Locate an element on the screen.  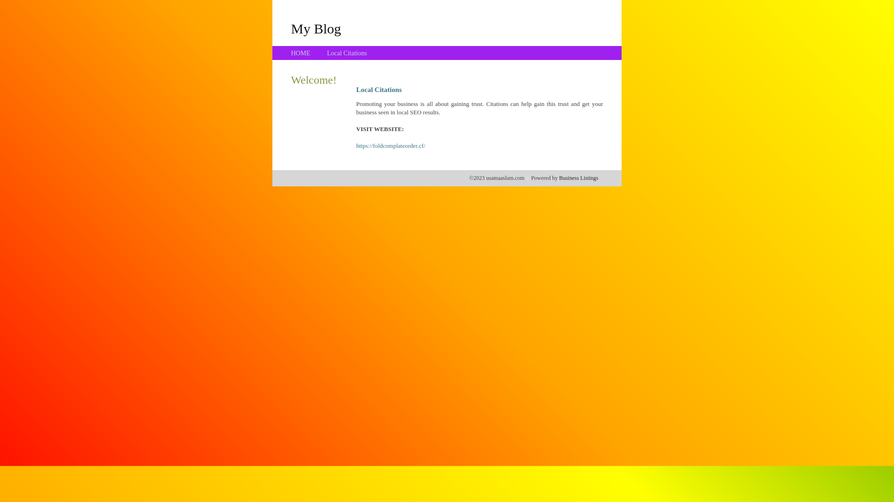
'My Blog' is located at coordinates (316, 28).